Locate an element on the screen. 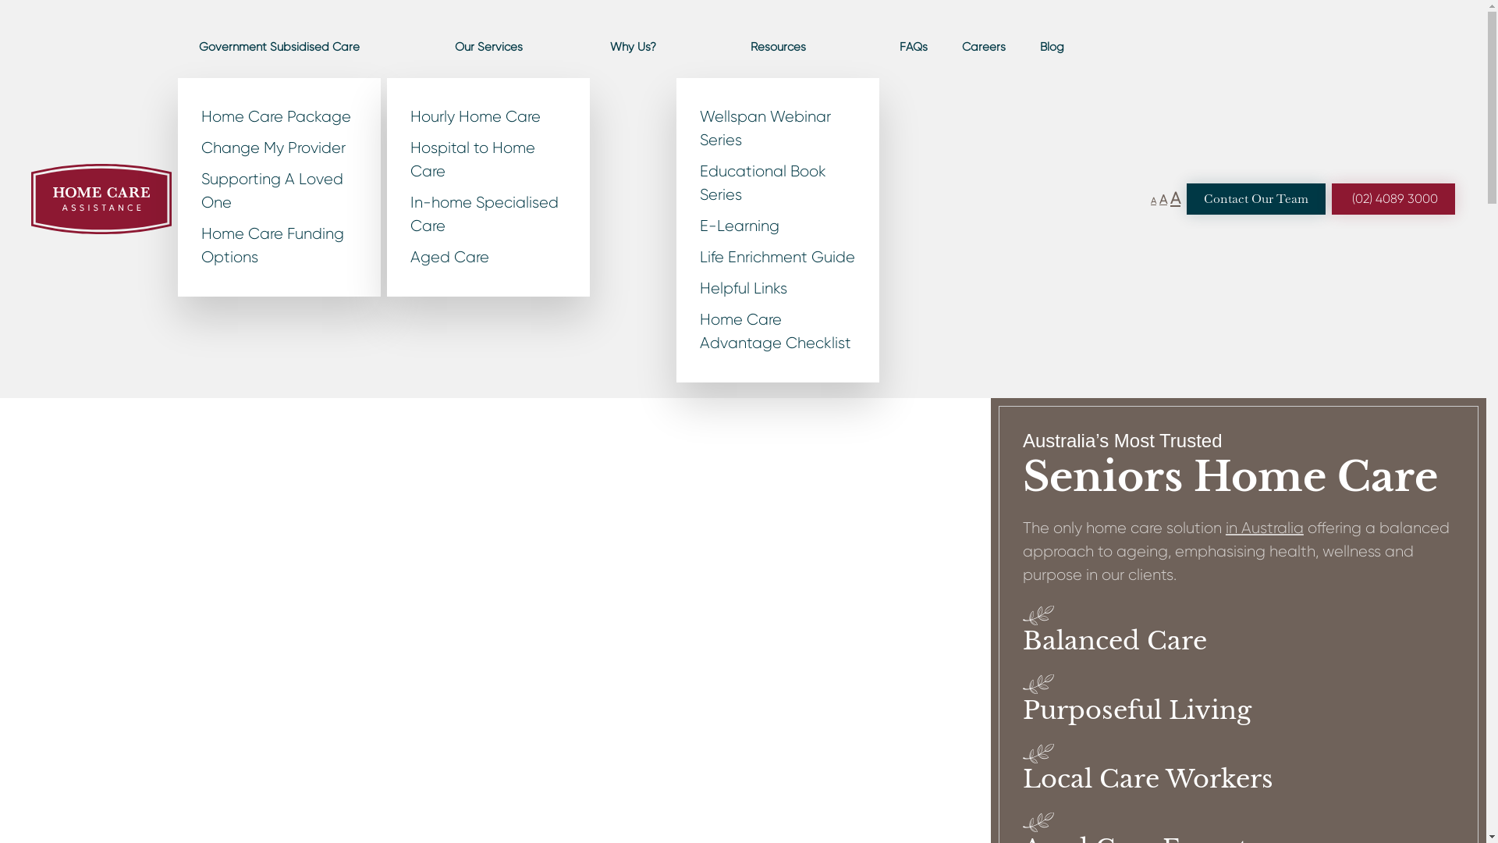 This screenshot has width=1498, height=843. 'Supporting A Loved One' is located at coordinates (279, 190).